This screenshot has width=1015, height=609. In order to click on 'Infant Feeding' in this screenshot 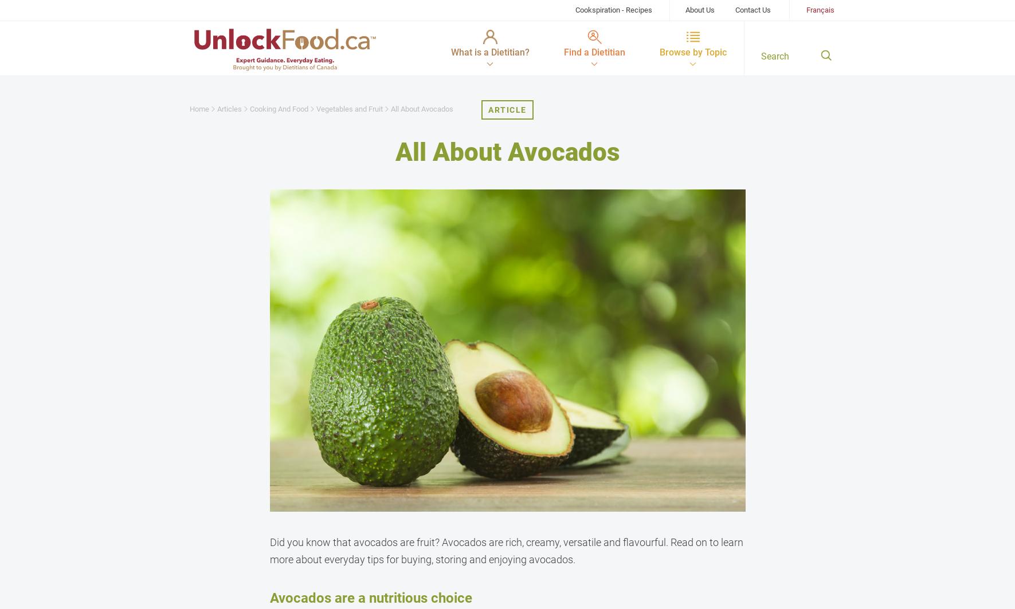, I will do `click(233, 187)`.